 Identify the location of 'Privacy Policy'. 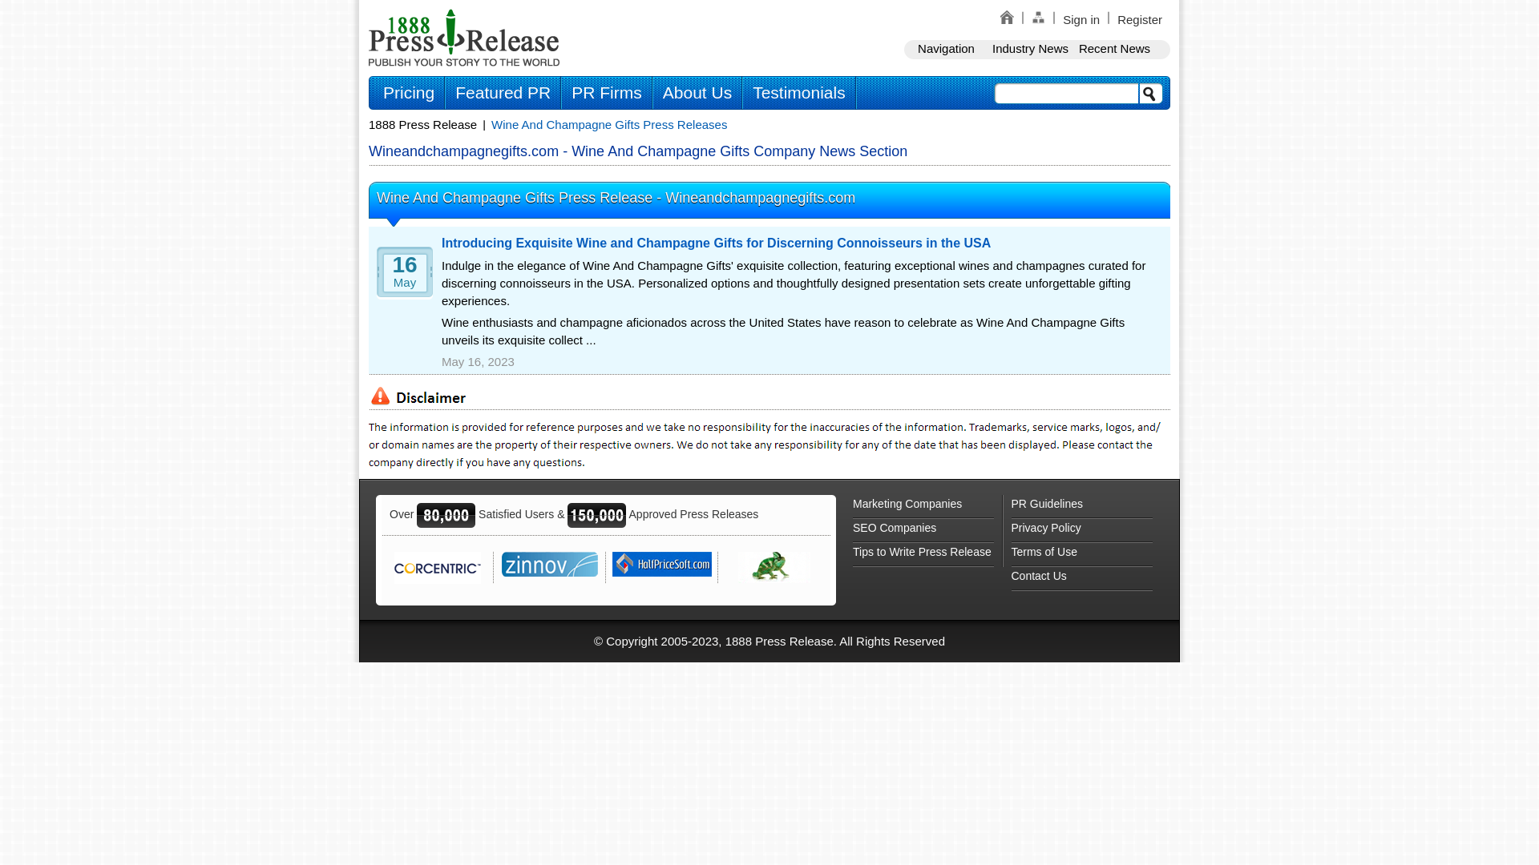
(1081, 531).